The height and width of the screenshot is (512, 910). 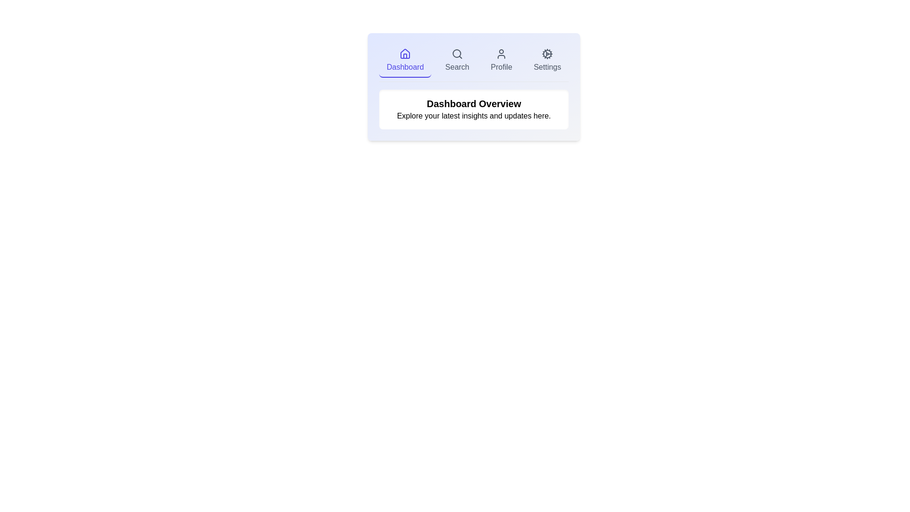 I want to click on the Navigation Button located in the horizontal navigation bar, which is the second item following the Dashboard button, so click(x=457, y=61).